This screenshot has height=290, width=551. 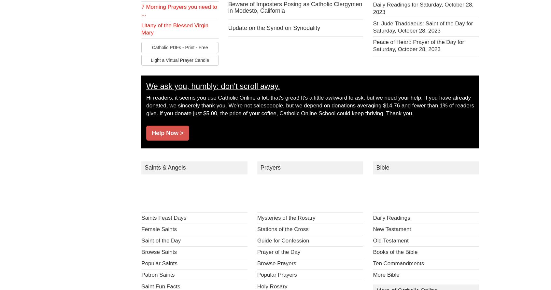 What do you see at coordinates (213, 86) in the screenshot?
I see `'We ask you, humbly: don't scroll away.'` at bounding box center [213, 86].